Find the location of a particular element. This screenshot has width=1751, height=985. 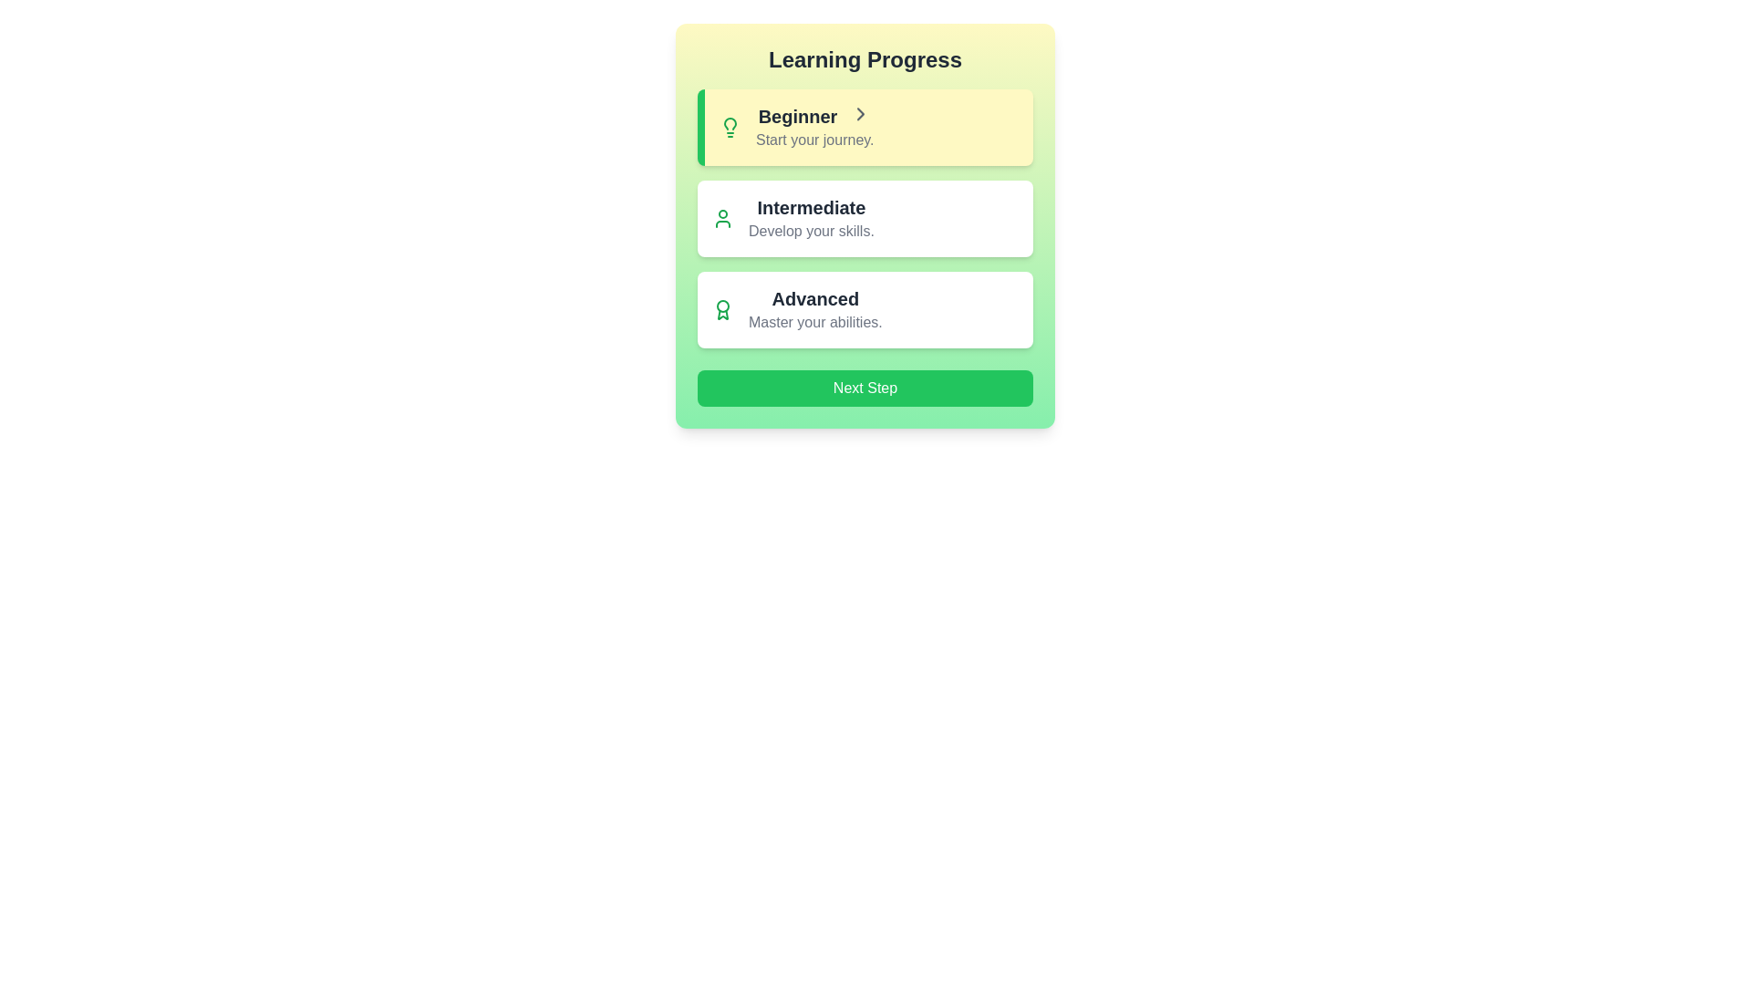

the informational card titled 'Intermediate' which is the second card in a vertical stack of skill level cards for additional actions is located at coordinates (865, 217).